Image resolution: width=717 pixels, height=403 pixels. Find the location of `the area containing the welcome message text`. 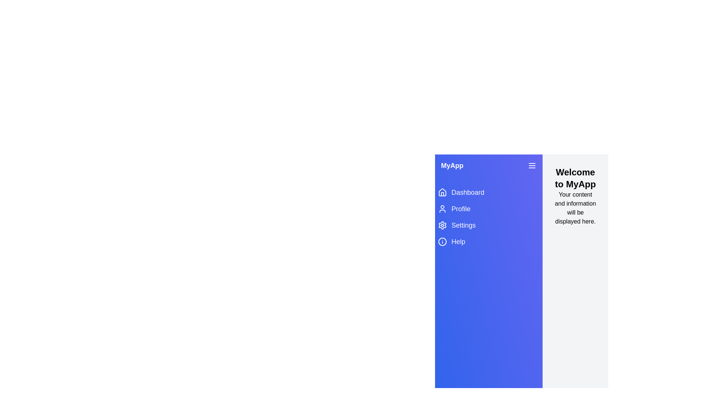

the area containing the welcome message text is located at coordinates (575, 178).